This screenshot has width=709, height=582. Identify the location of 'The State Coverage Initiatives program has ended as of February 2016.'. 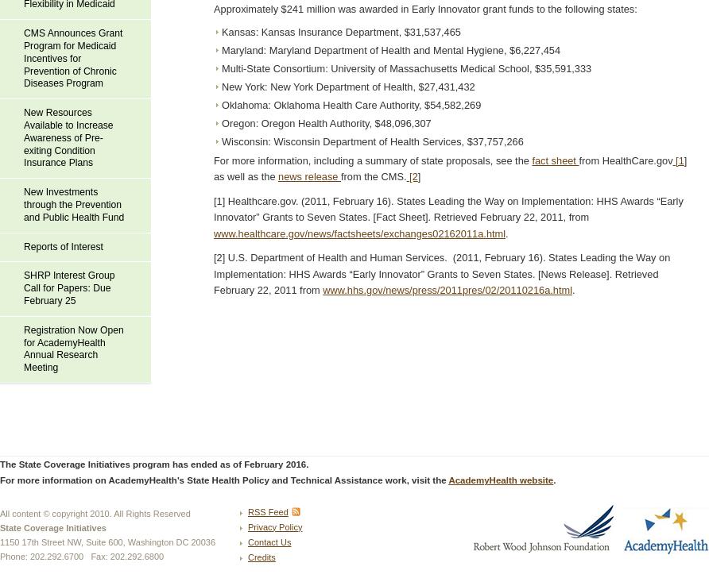
(153, 463).